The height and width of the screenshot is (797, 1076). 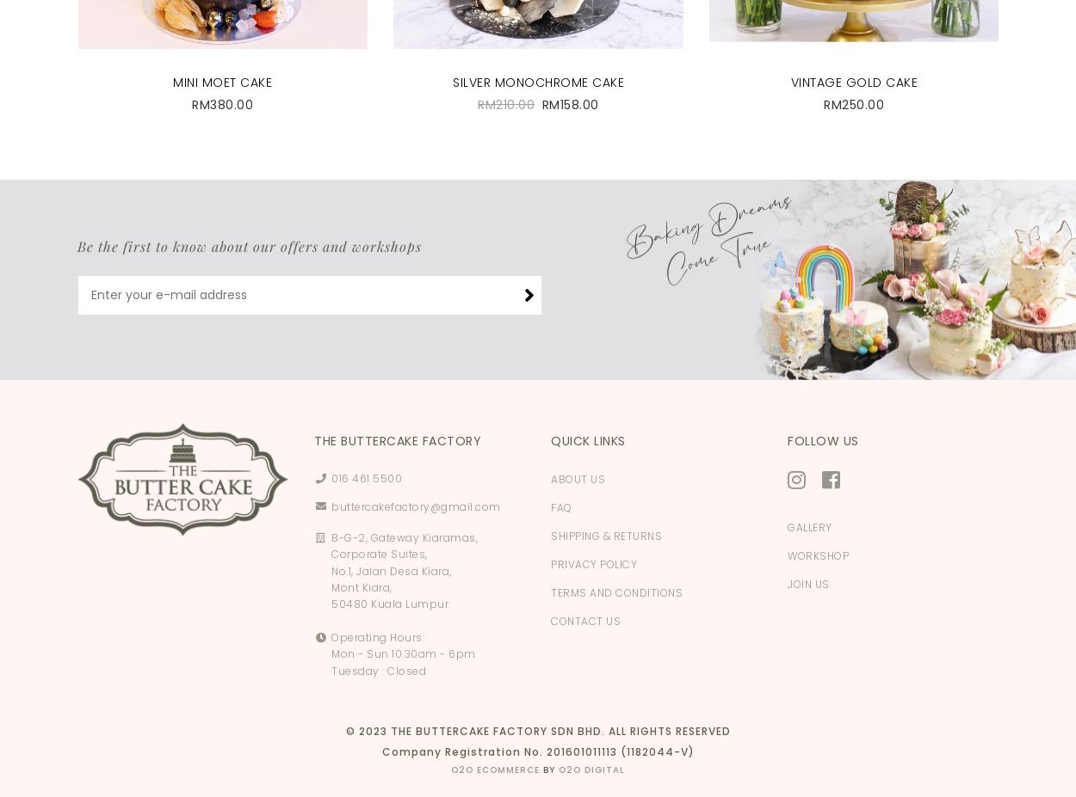 I want to click on 'Mon - Sun 10.30am - 6pm', so click(x=402, y=653).